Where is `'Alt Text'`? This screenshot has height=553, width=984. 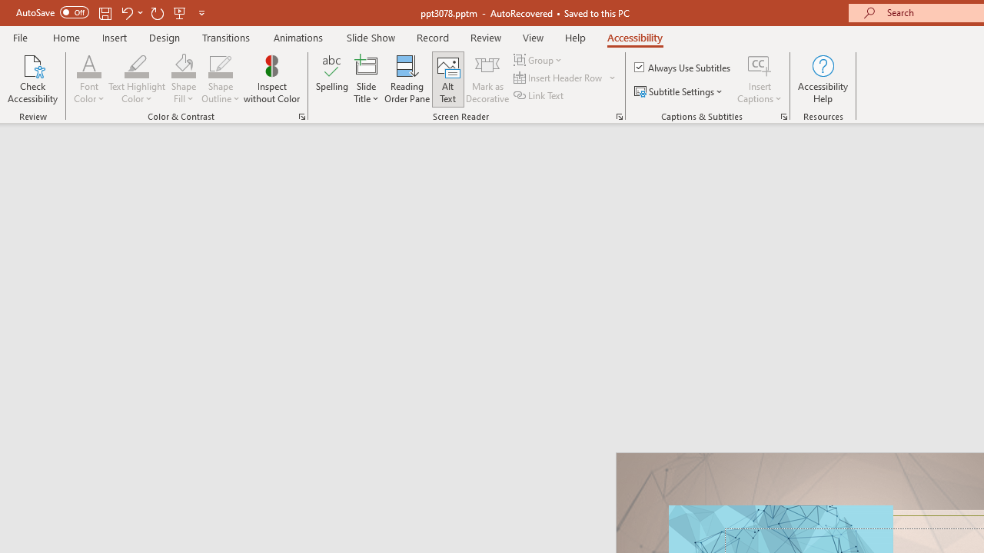
'Alt Text' is located at coordinates (447, 79).